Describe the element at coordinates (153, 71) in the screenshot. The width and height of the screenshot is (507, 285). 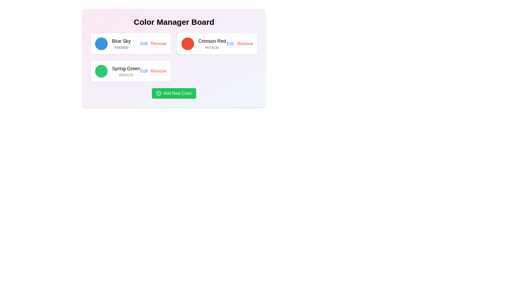
I see `the 'Remove' button, which is styled in red and is part of a composite element containing 'Edit' and 'Remove' labels in the bottom row of the 'Spring Green #2ecc71' card` at that location.